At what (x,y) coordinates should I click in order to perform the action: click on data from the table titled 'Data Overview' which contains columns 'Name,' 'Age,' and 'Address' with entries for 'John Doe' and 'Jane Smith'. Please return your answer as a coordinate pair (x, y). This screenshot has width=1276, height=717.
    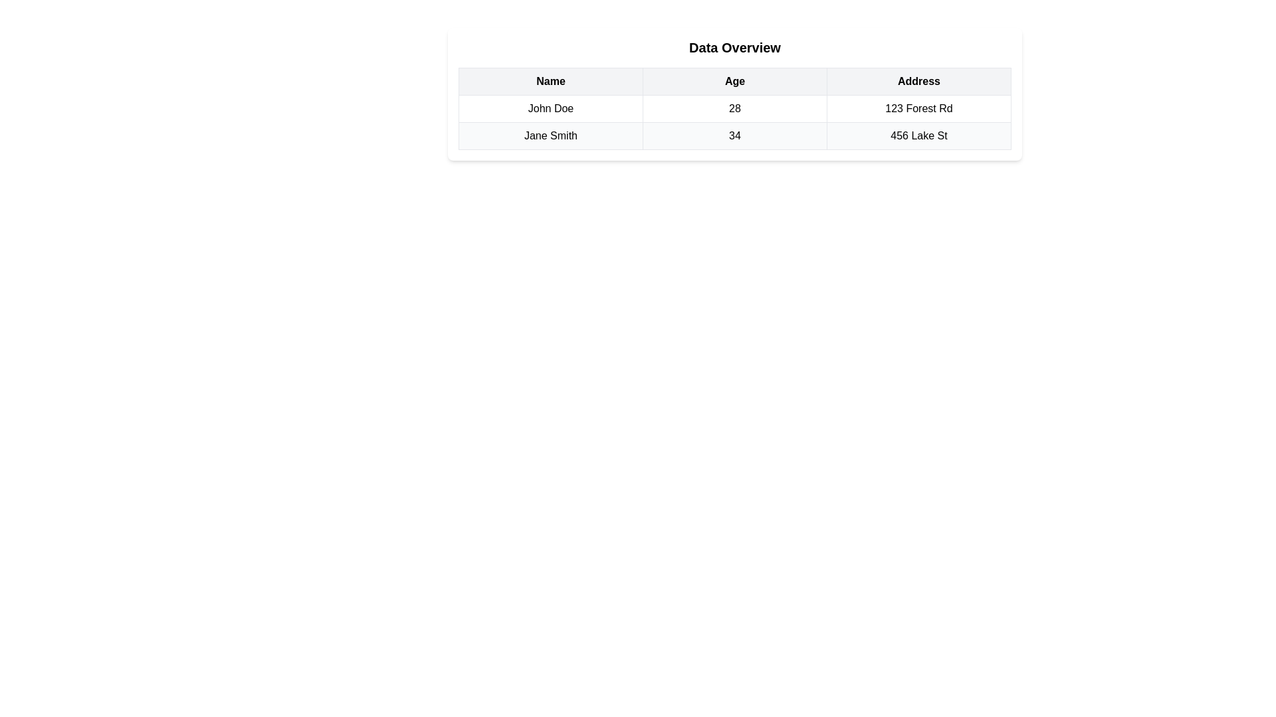
    Looking at the image, I should click on (734, 108).